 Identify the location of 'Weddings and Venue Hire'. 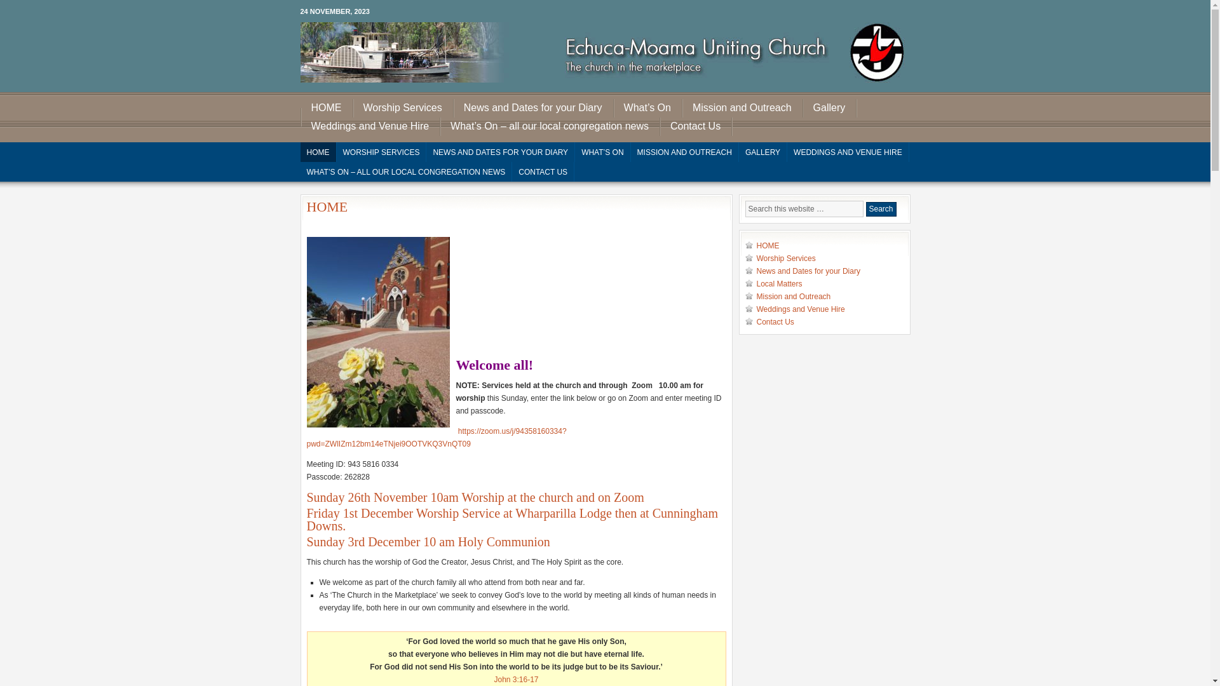
(799, 309).